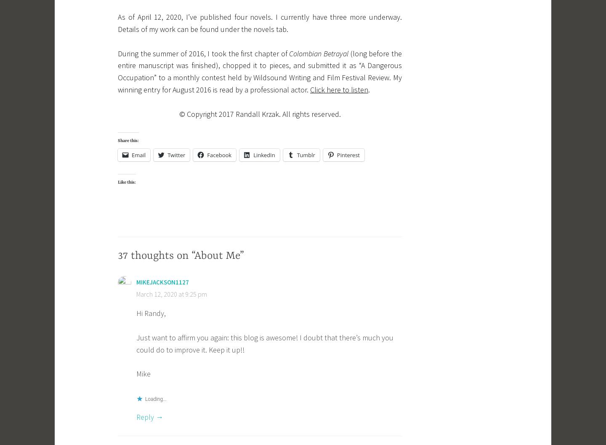 The height and width of the screenshot is (445, 606). I want to click on 'Just want to affirm you again: this blog is awesome! I doubt that there’s much you could do to improve it. Keep it up!!', so click(136, 343).